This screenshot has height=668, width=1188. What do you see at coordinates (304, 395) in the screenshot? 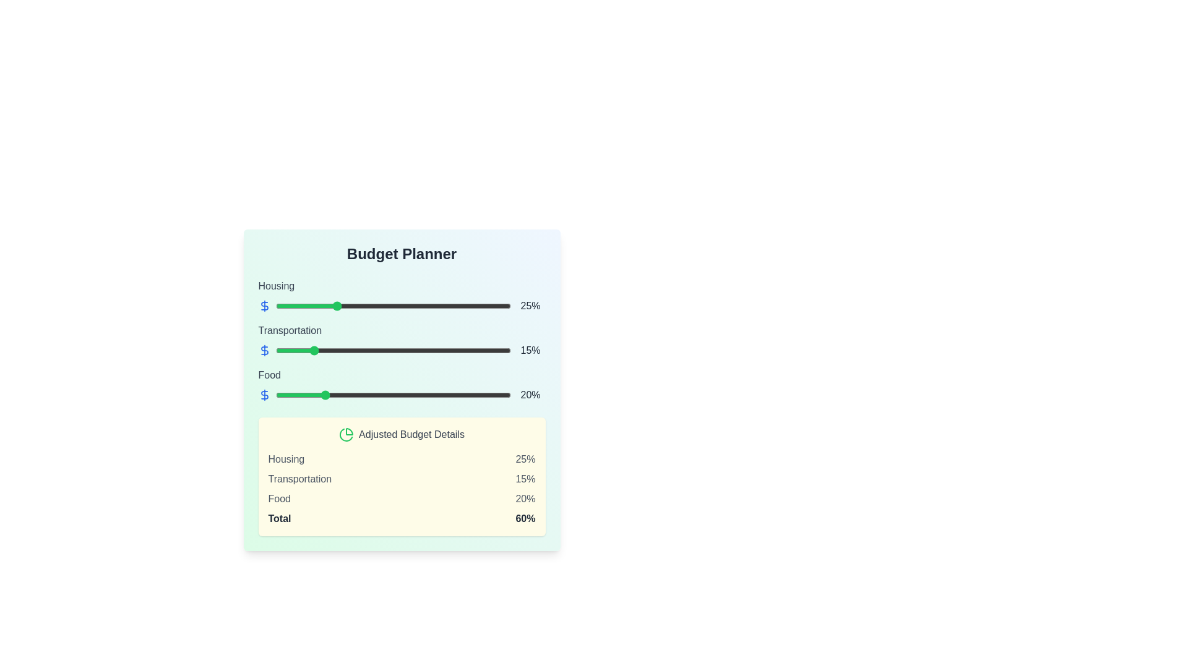
I see `the food budget slider` at bounding box center [304, 395].